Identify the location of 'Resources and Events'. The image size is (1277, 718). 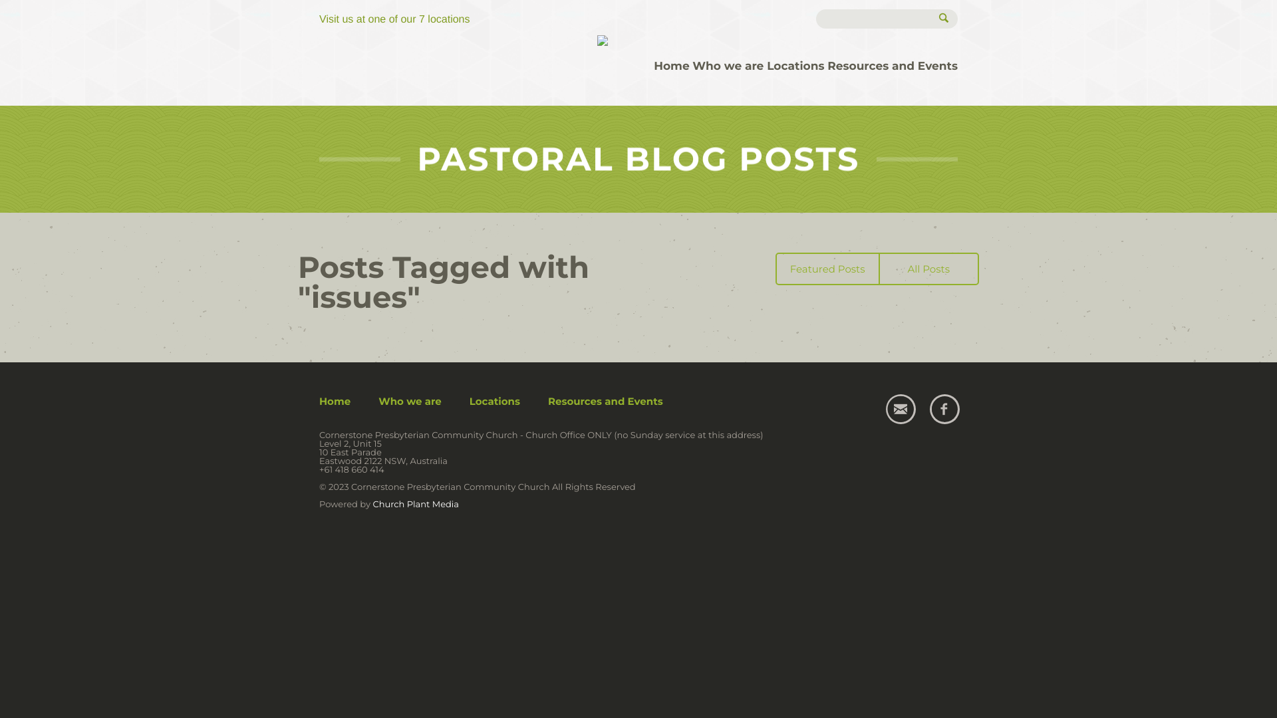
(893, 66).